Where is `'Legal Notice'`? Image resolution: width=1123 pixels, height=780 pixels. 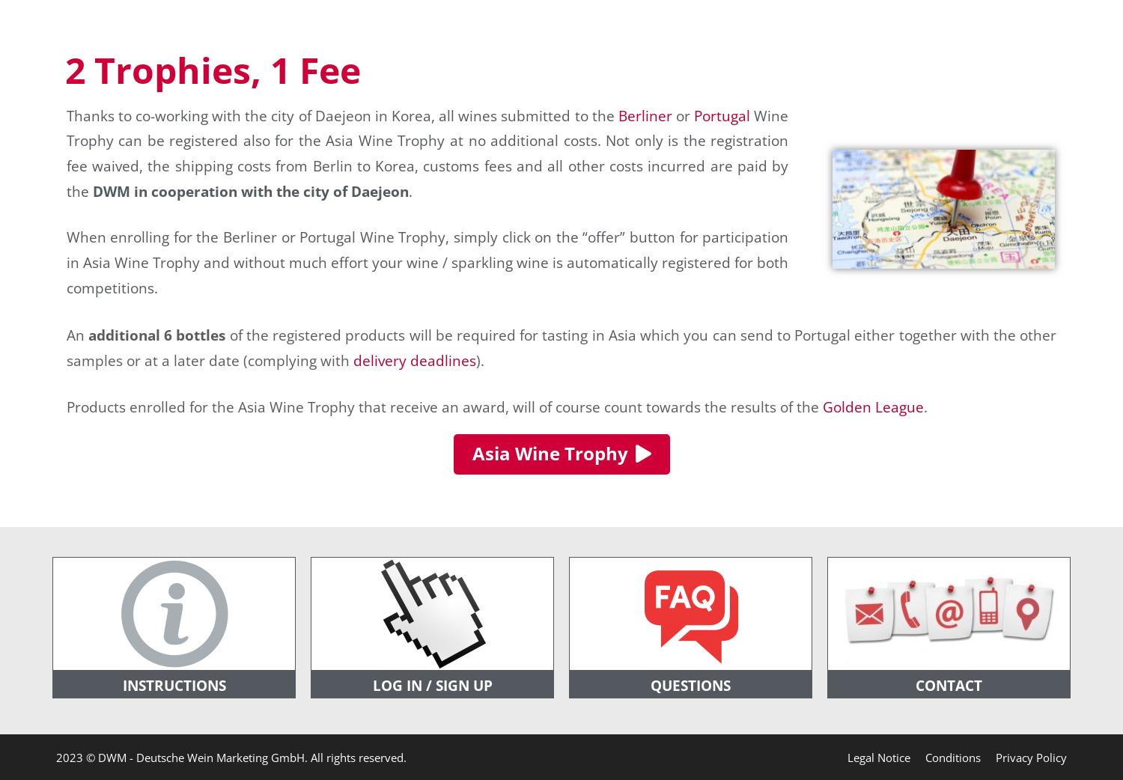 'Legal Notice' is located at coordinates (879, 756).